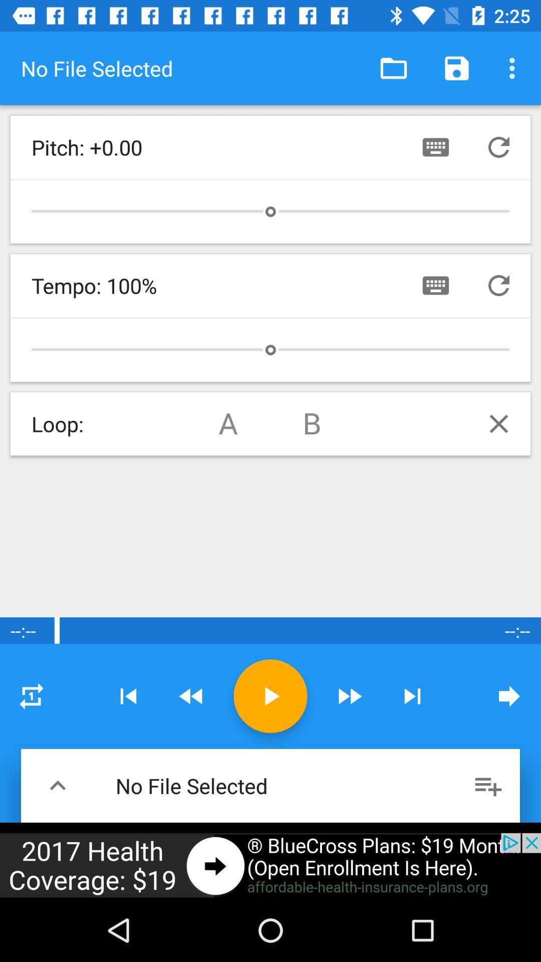 This screenshot has height=962, width=541. Describe the element at coordinates (191, 695) in the screenshot. I see `go back` at that location.